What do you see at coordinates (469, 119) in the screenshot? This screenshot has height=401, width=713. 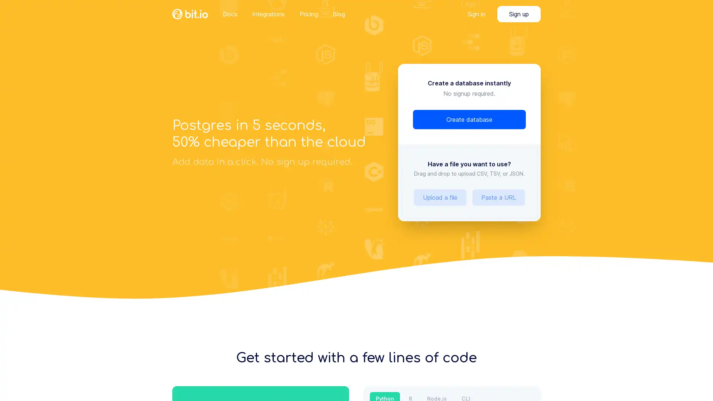 I see `Create database` at bounding box center [469, 119].